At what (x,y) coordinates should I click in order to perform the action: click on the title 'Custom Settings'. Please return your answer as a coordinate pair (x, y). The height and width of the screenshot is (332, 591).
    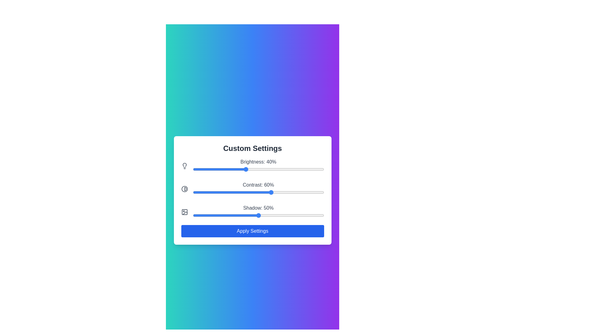
    Looking at the image, I should click on (252, 148).